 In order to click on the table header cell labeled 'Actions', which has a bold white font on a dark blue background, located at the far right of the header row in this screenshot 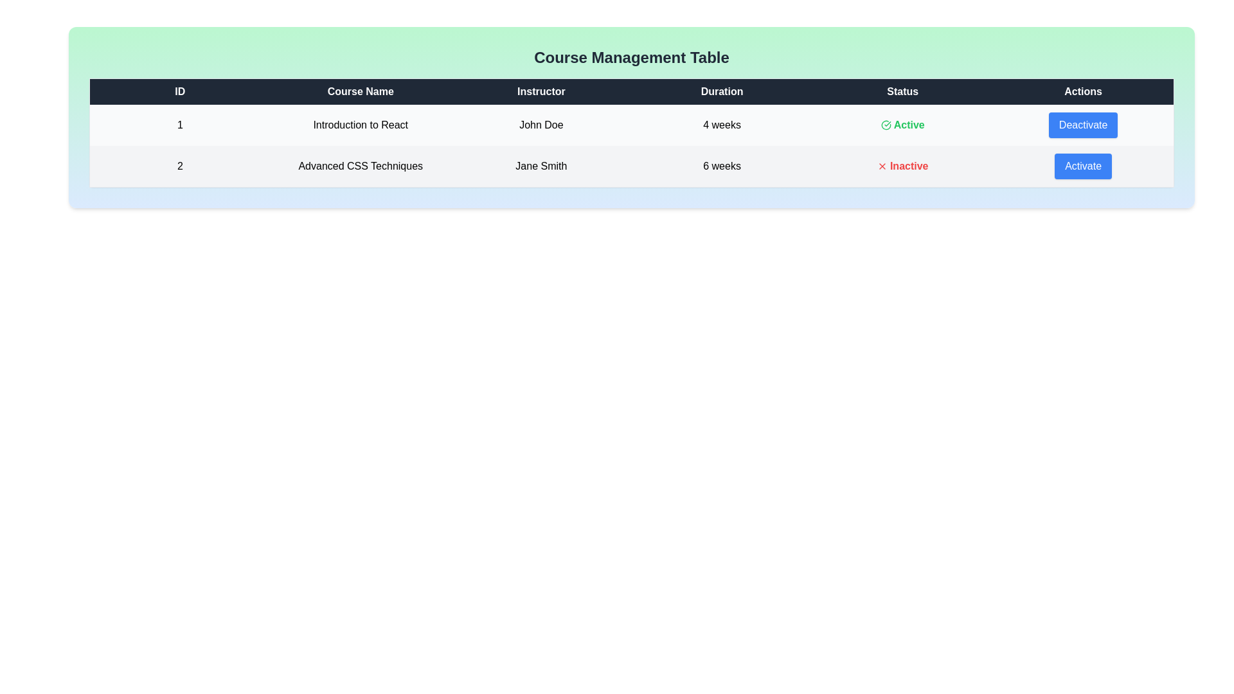, I will do `click(1082, 91)`.